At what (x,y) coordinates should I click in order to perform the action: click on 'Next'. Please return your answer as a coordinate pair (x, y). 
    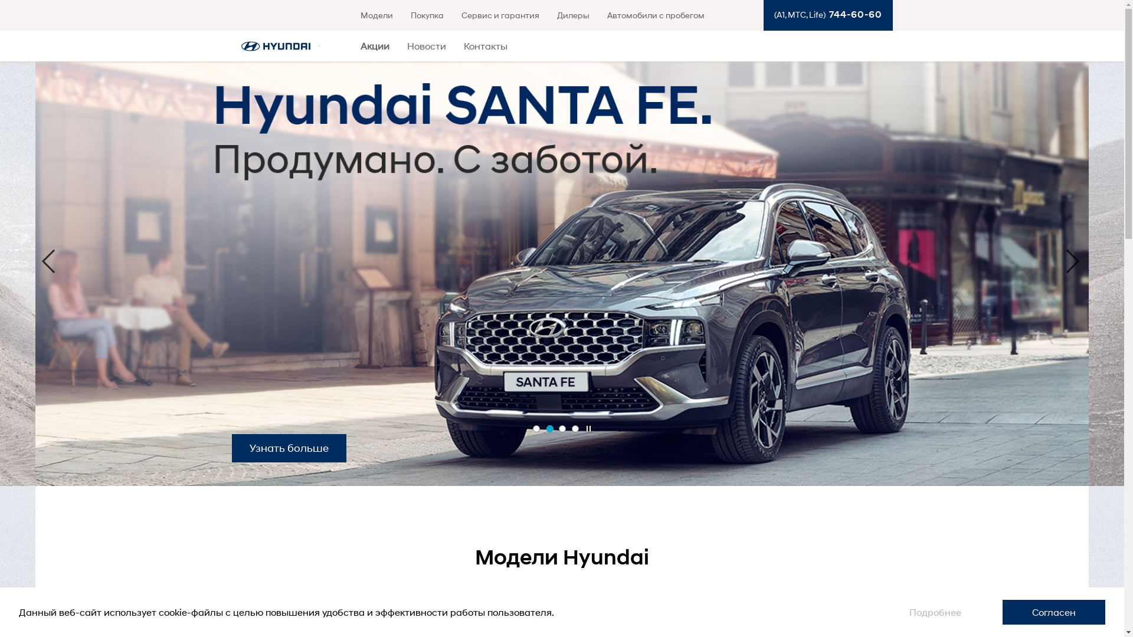
    Looking at the image, I should click on (1073, 261).